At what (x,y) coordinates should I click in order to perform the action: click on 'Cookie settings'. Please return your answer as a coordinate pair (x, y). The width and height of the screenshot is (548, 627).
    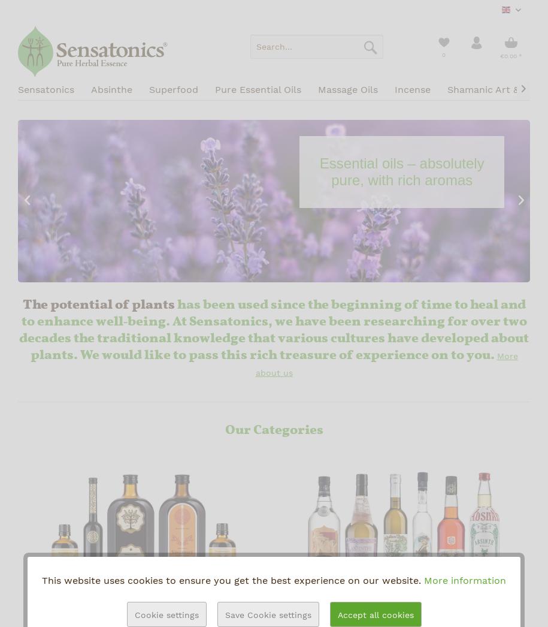
    Looking at the image, I should click on (165, 615).